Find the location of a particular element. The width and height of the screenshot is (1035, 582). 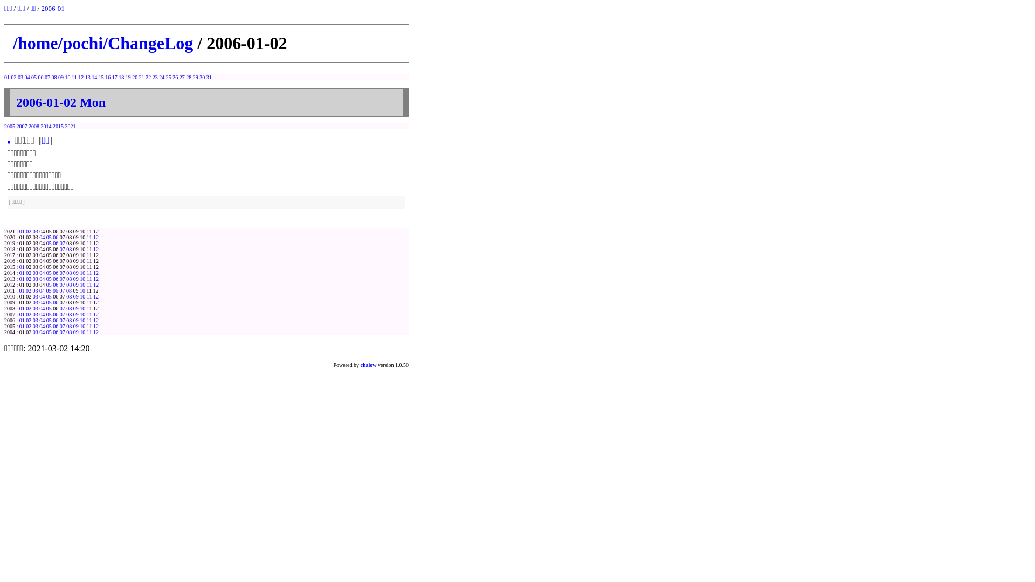

'07' is located at coordinates (61, 308).